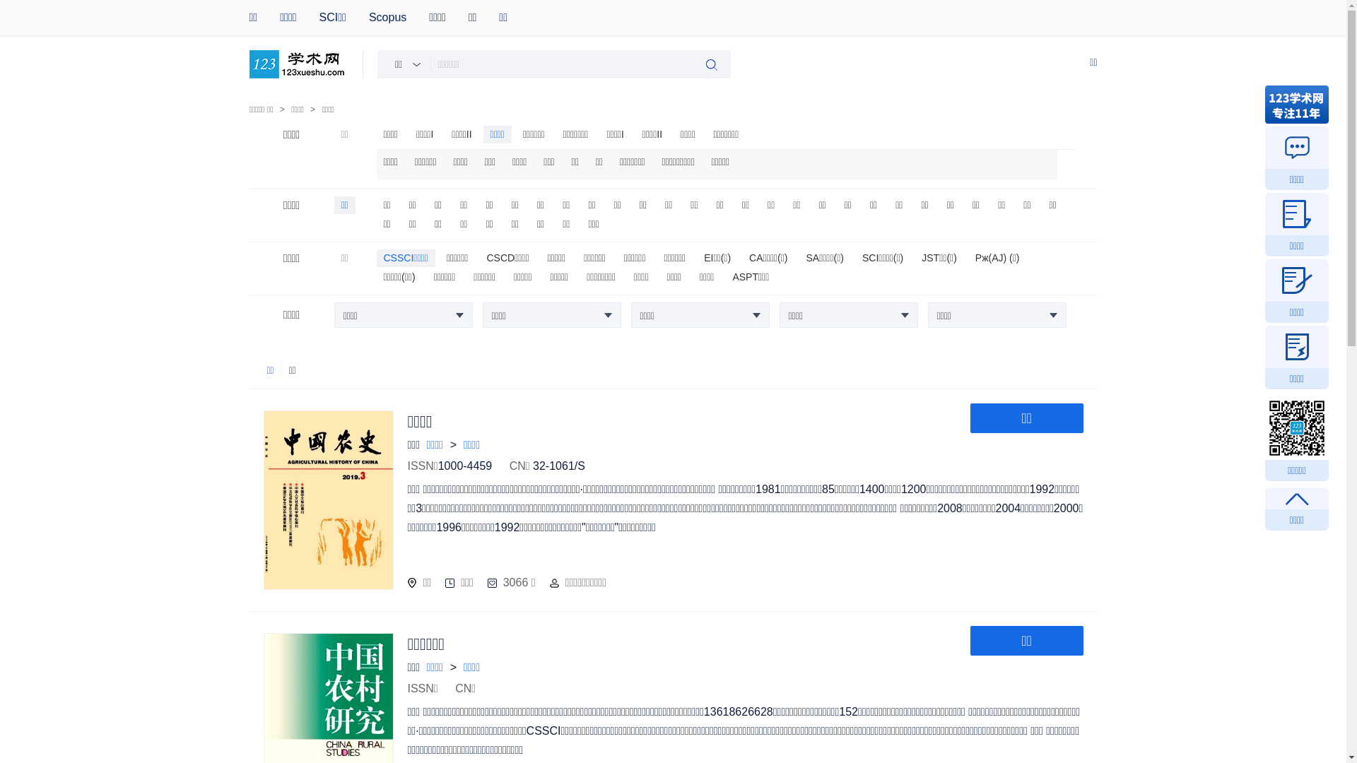  What do you see at coordinates (398, 17) in the screenshot?
I see `'Scopus'` at bounding box center [398, 17].